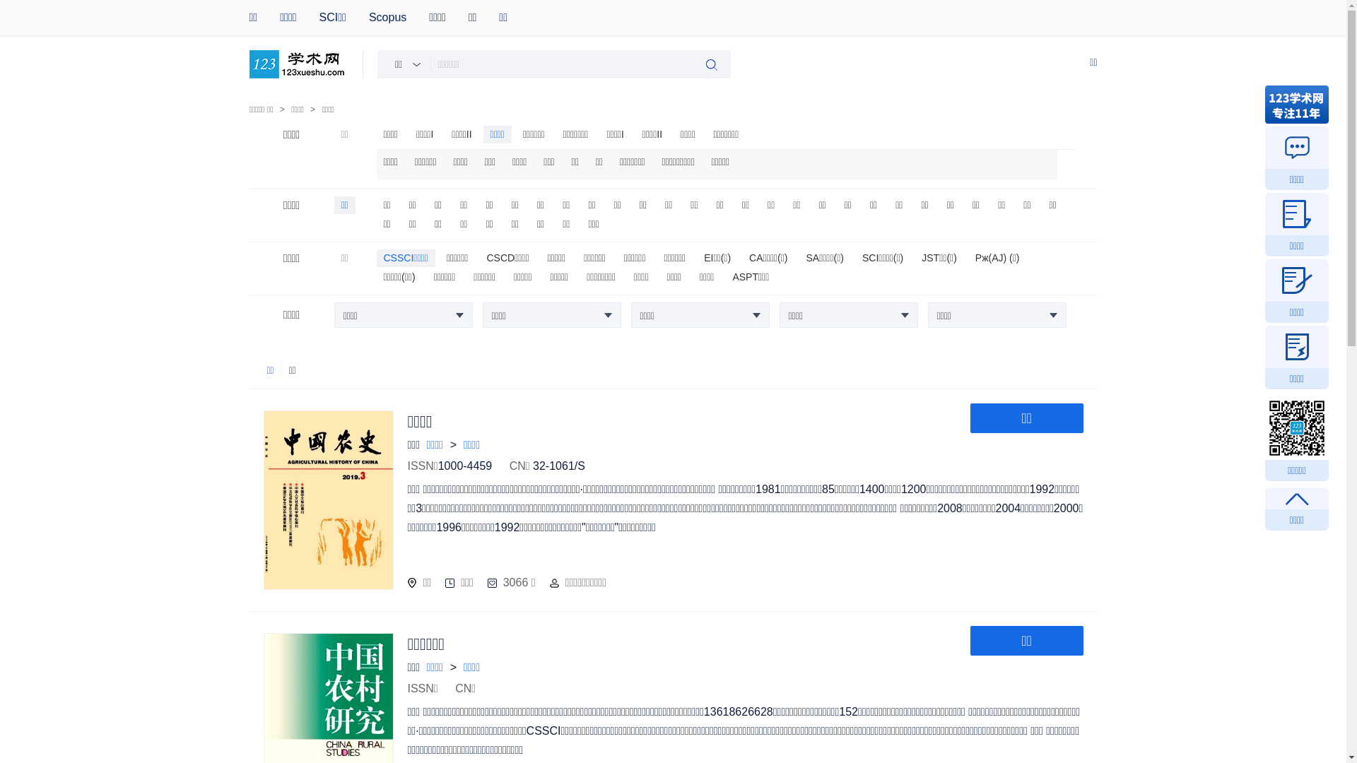  What do you see at coordinates (398, 17) in the screenshot?
I see `'Scopus'` at bounding box center [398, 17].